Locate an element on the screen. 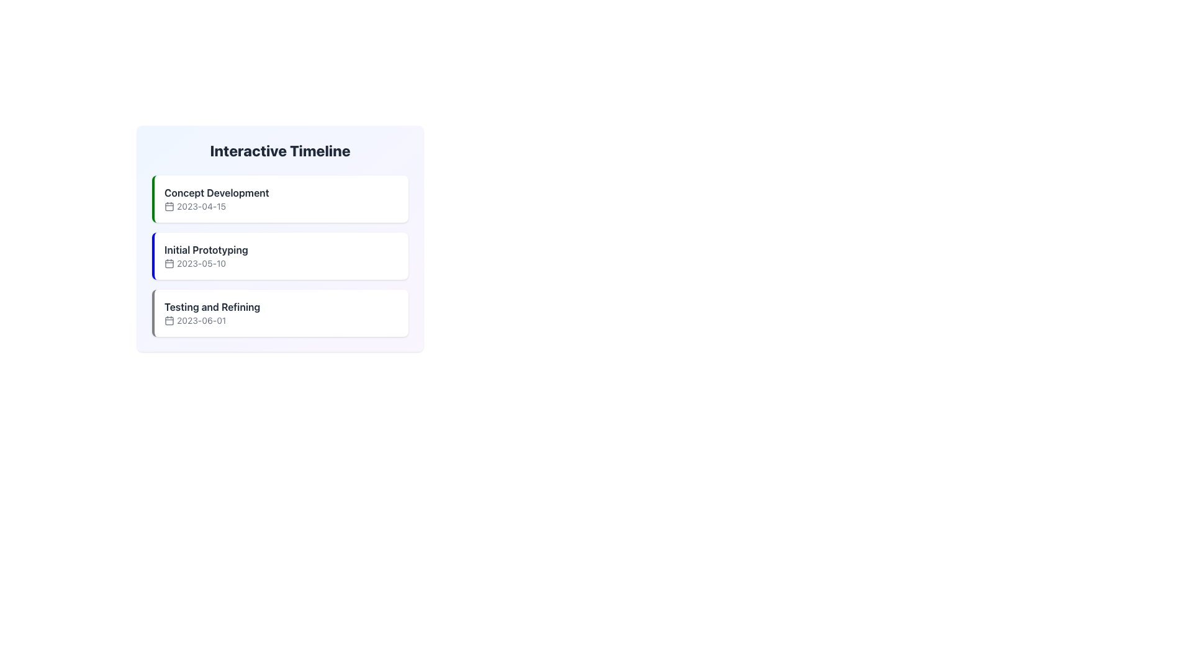 This screenshot has width=1192, height=670. the calendar icon representing the date '2023-04-15' in the 'Concept Development' section of the timeline is located at coordinates (169, 205).